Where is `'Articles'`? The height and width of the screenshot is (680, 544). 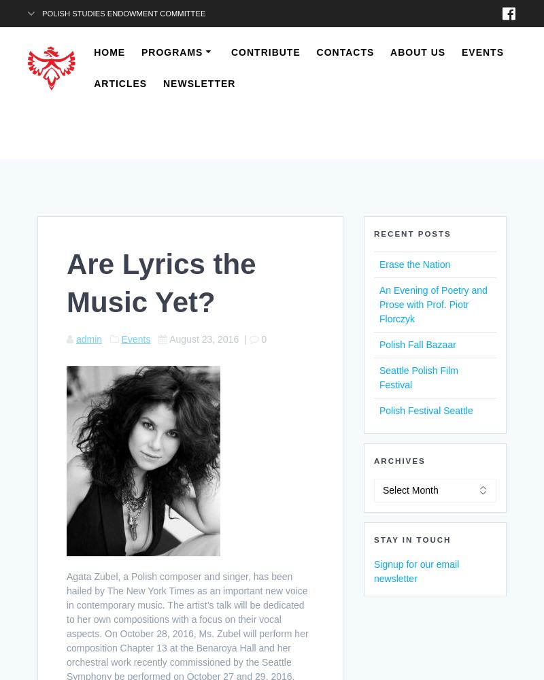
'Articles' is located at coordinates (120, 83).